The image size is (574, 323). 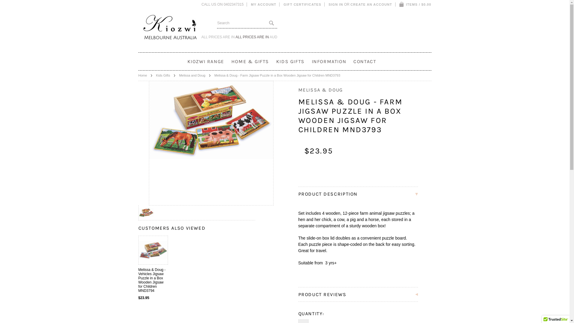 I want to click on 'SIGN IN', so click(x=336, y=4).